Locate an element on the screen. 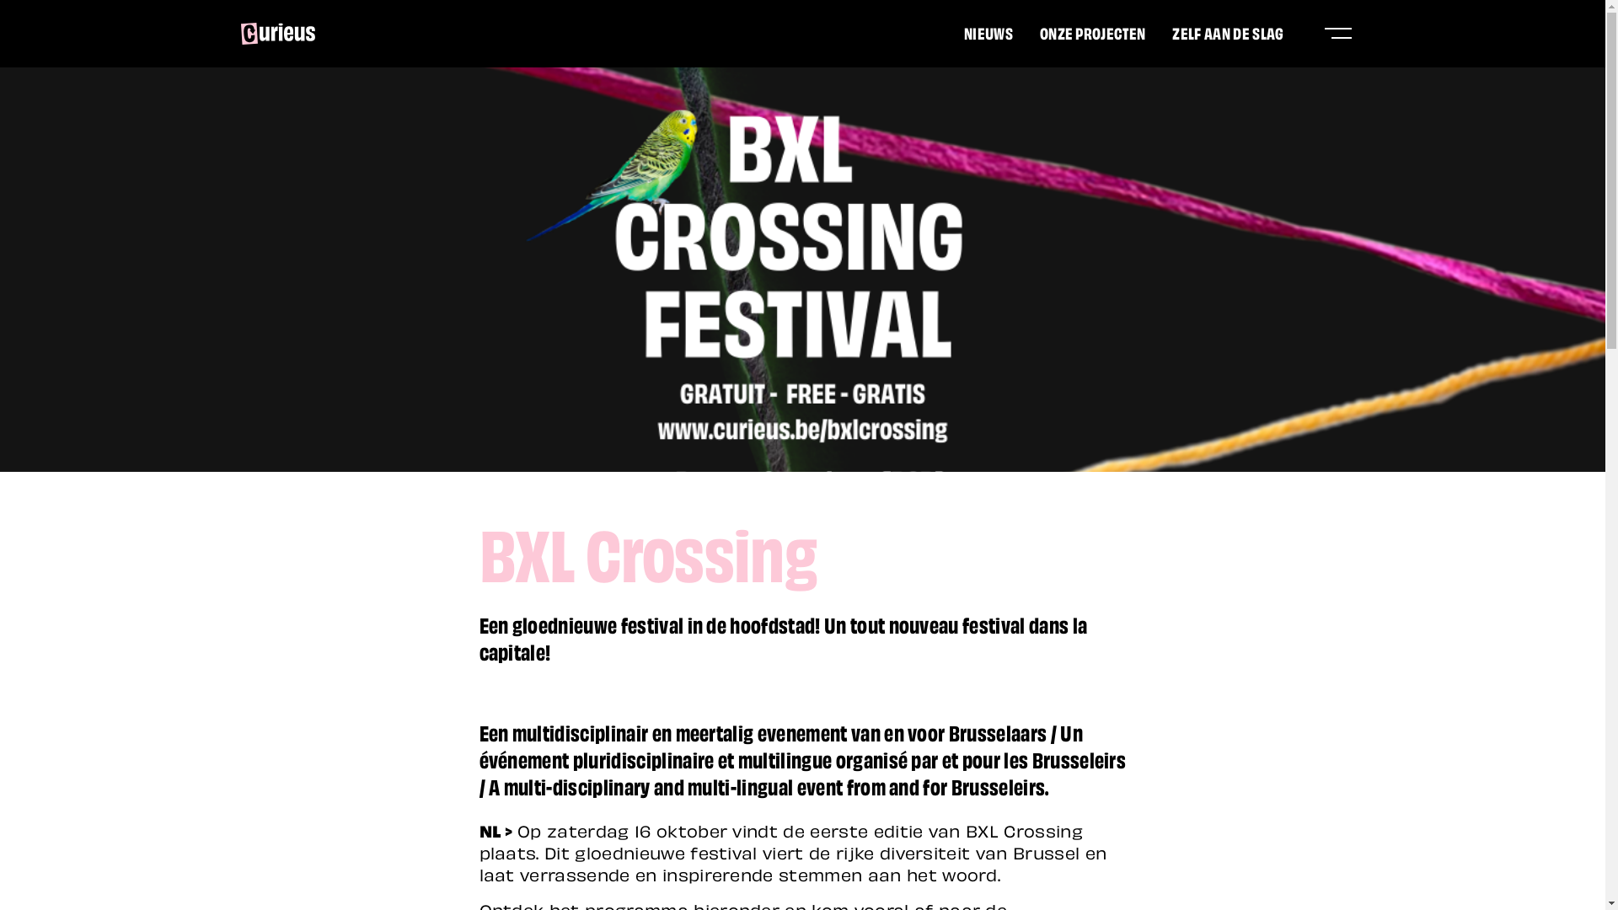 The height and width of the screenshot is (910, 1618). 'ONZE PROJECTEN' is located at coordinates (1092, 32).